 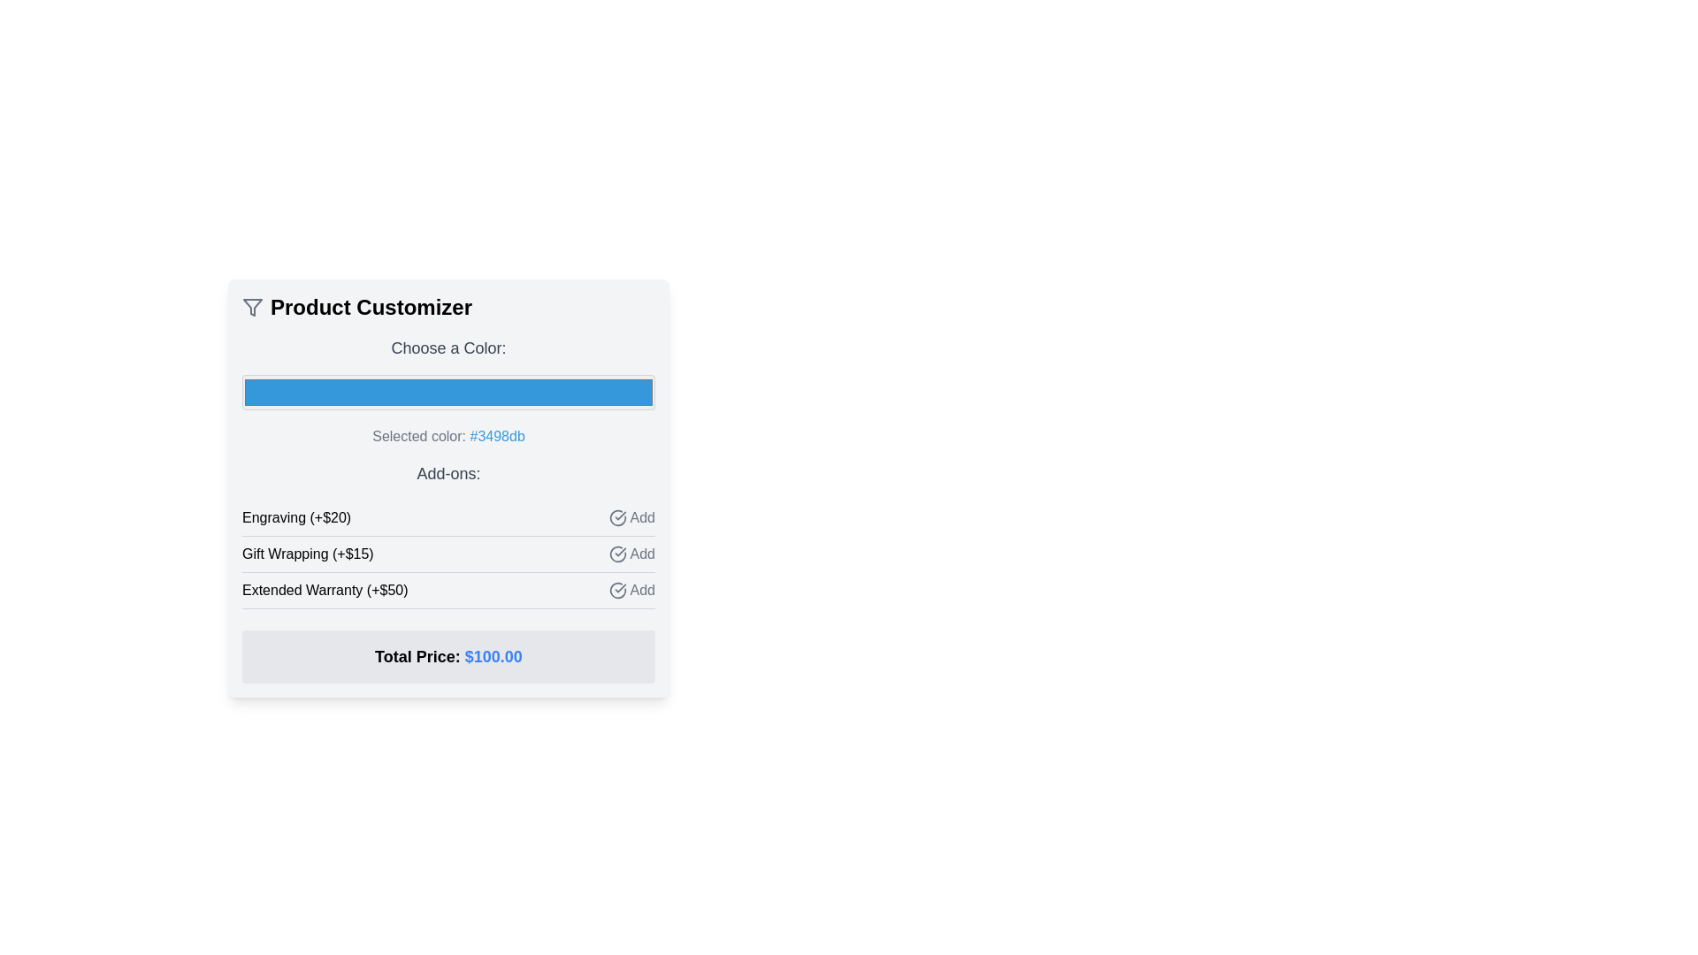 What do you see at coordinates (448, 391) in the screenshot?
I see `the color input field, which is a wide rectangular box with rounded corners and a blue shade (#3498db)` at bounding box center [448, 391].